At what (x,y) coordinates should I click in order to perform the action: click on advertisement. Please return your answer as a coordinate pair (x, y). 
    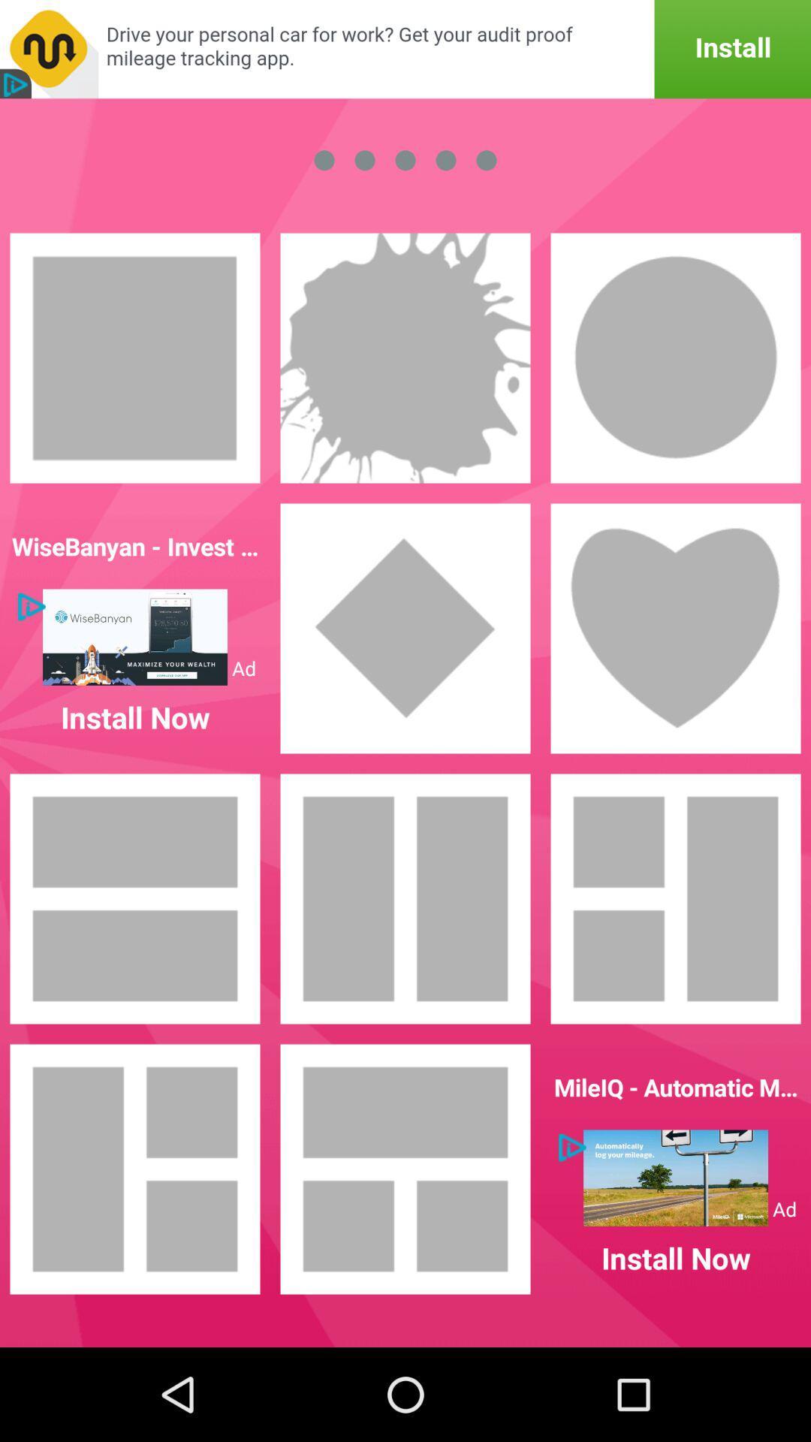
    Looking at the image, I should click on (405, 49).